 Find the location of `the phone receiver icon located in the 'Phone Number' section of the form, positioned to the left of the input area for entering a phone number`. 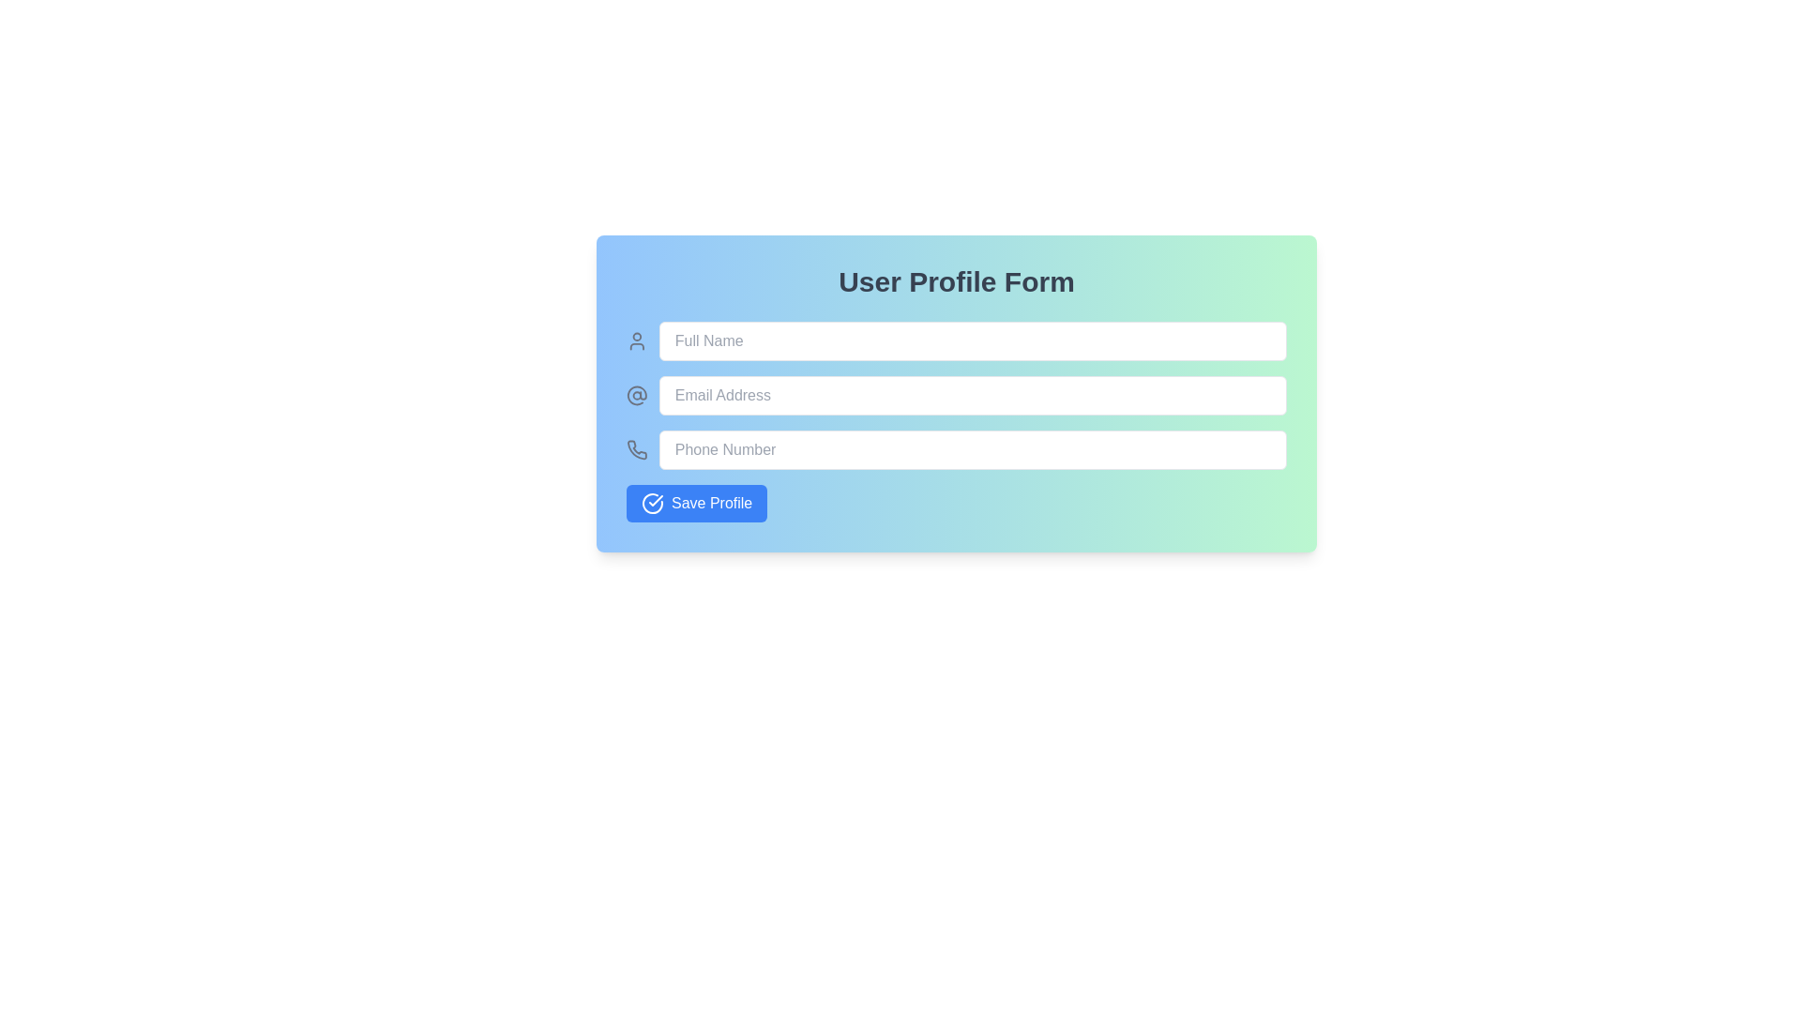

the phone receiver icon located in the 'Phone Number' section of the form, positioned to the left of the input area for entering a phone number is located at coordinates (637, 449).